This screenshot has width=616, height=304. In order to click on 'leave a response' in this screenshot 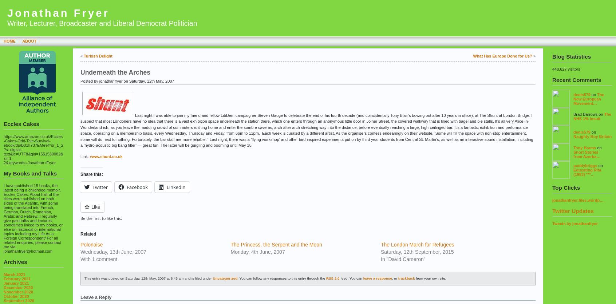, I will do `click(377, 278)`.